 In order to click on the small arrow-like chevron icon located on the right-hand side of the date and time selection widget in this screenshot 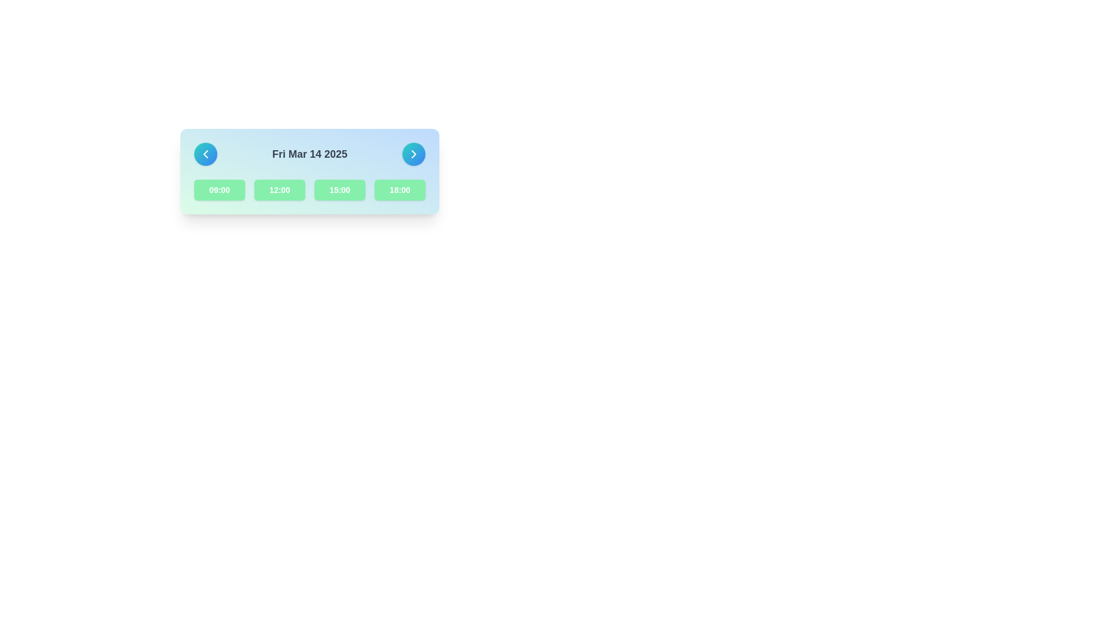, I will do `click(205, 153)`.